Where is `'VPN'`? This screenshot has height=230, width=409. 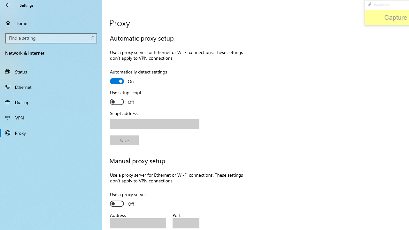
'VPN' is located at coordinates (51, 117).